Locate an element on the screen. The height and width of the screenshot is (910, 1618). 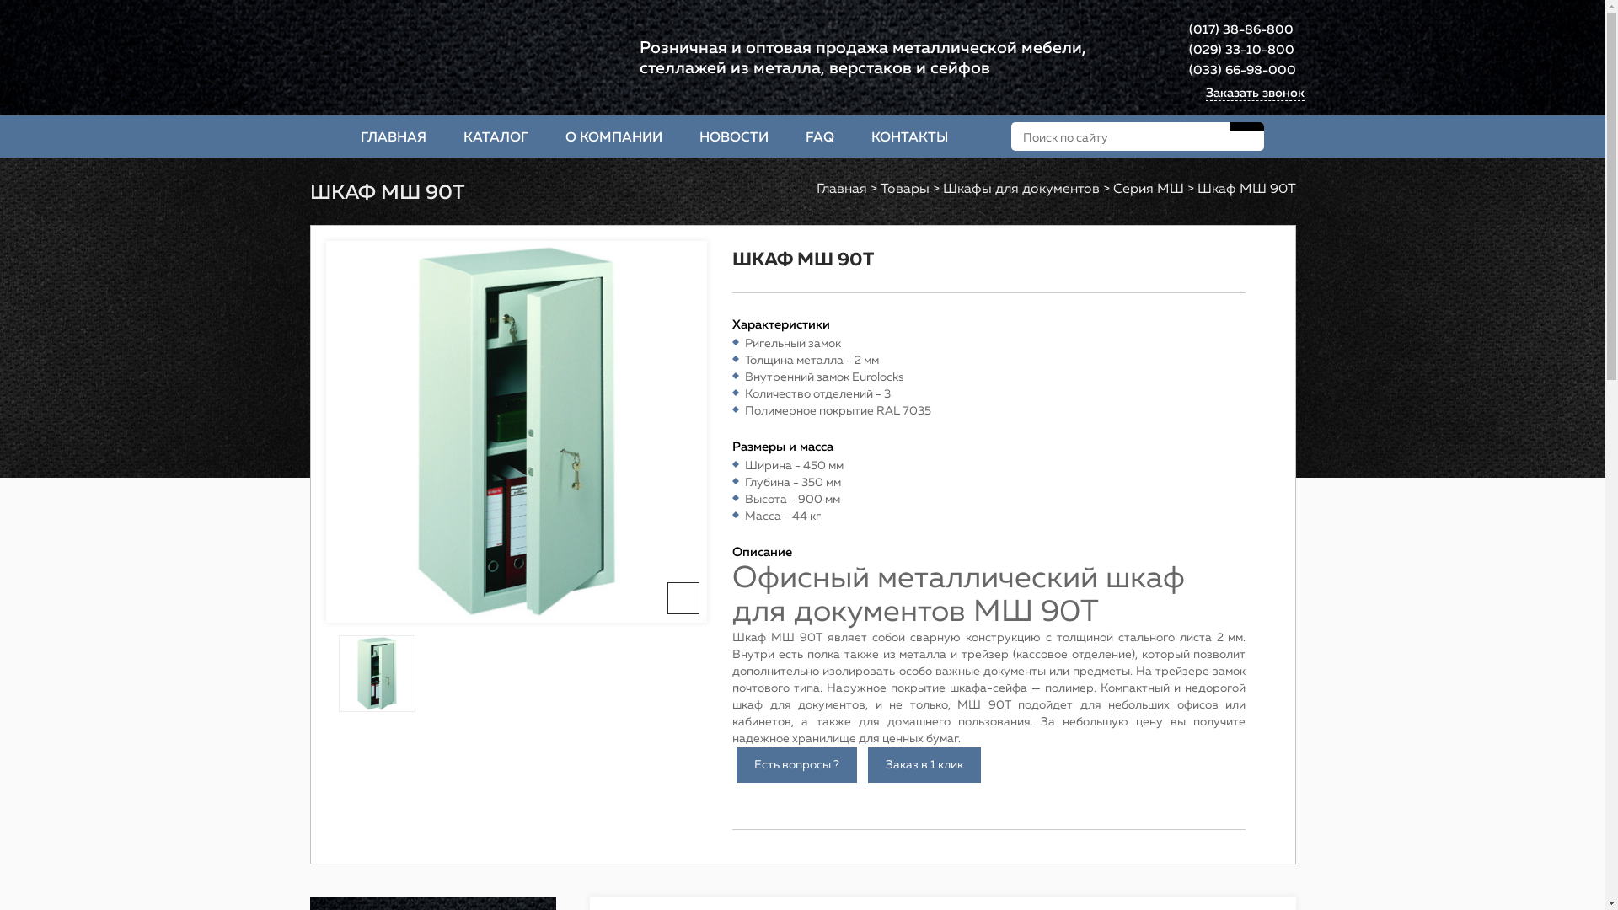
'(017) 38-86-800' is located at coordinates (1240, 29).